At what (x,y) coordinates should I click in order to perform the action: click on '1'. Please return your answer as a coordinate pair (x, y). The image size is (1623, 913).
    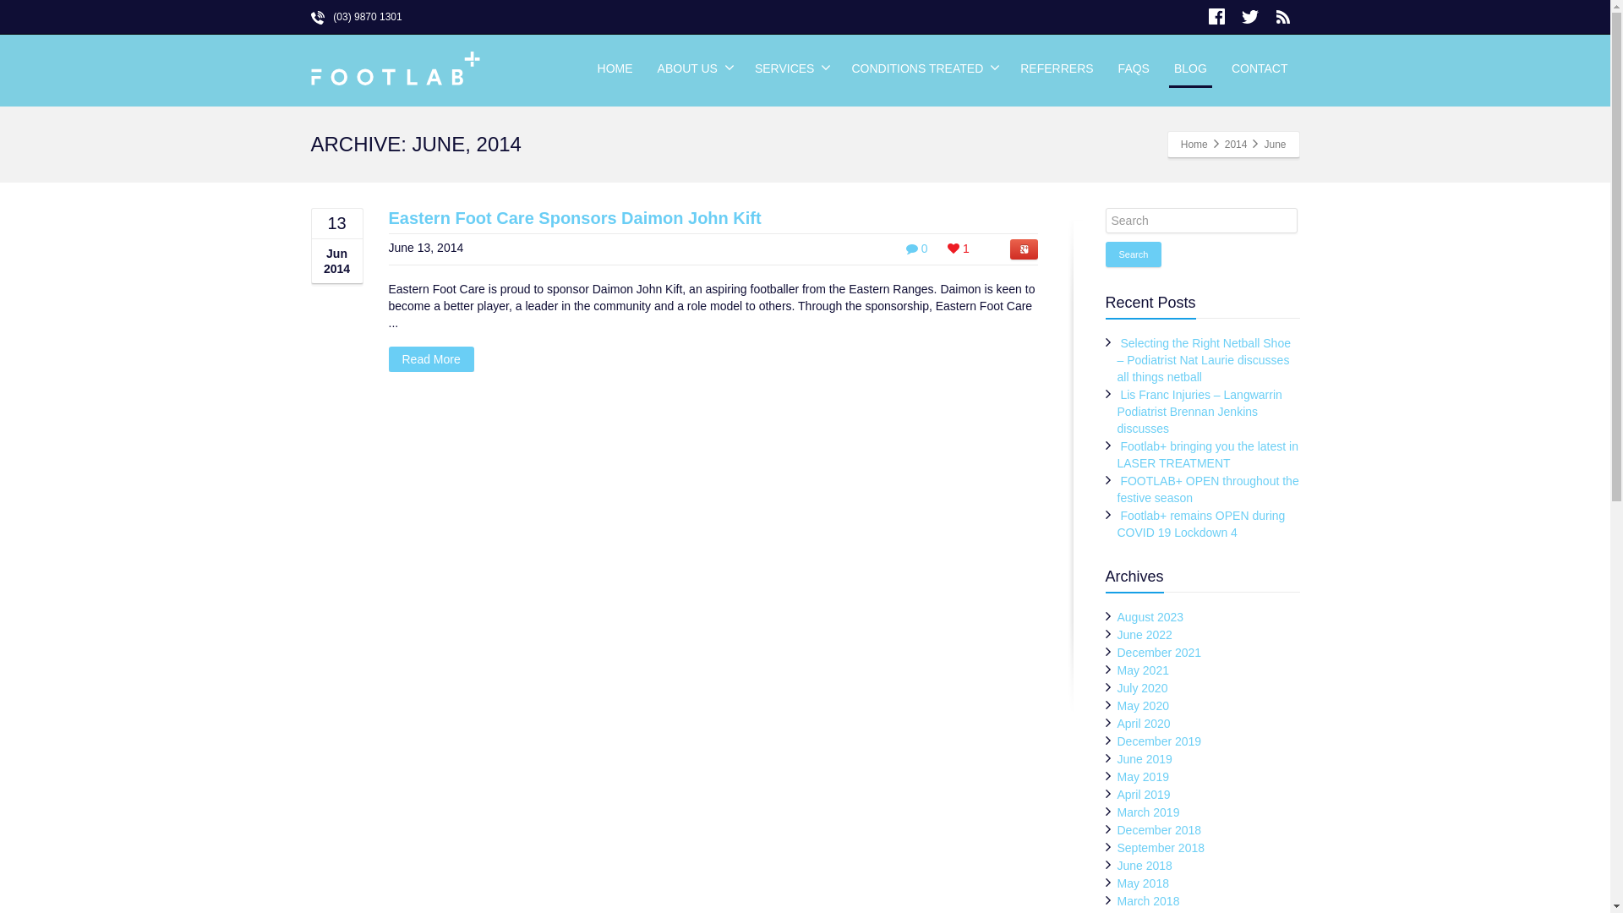
    Looking at the image, I should click on (958, 248).